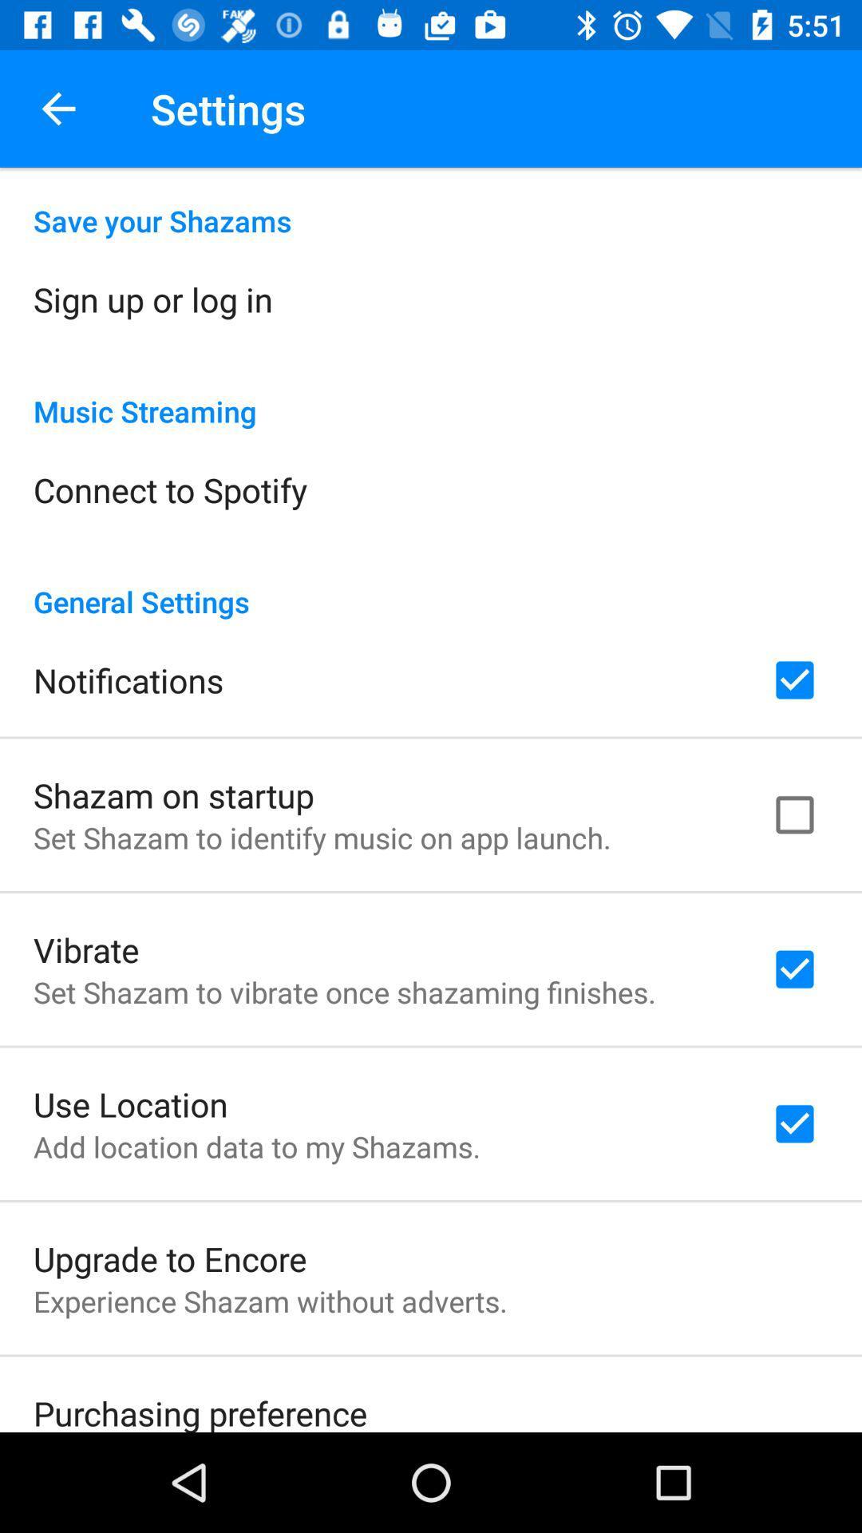 This screenshot has width=862, height=1533. I want to click on the save your shazams, so click(431, 203).